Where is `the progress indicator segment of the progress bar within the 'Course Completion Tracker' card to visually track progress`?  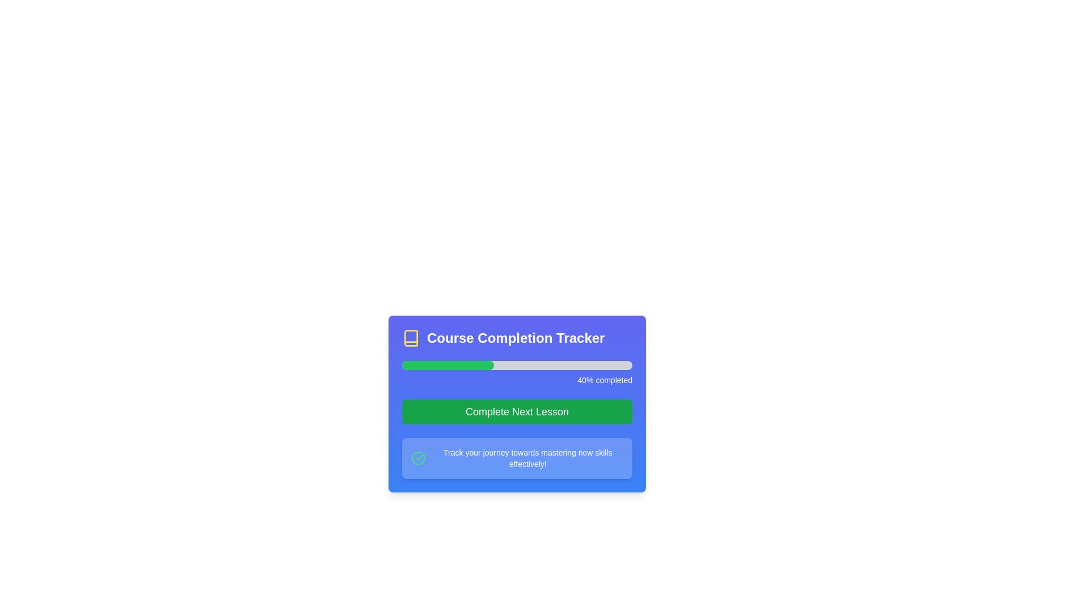 the progress indicator segment of the progress bar within the 'Course Completion Tracker' card to visually track progress is located at coordinates (448, 365).